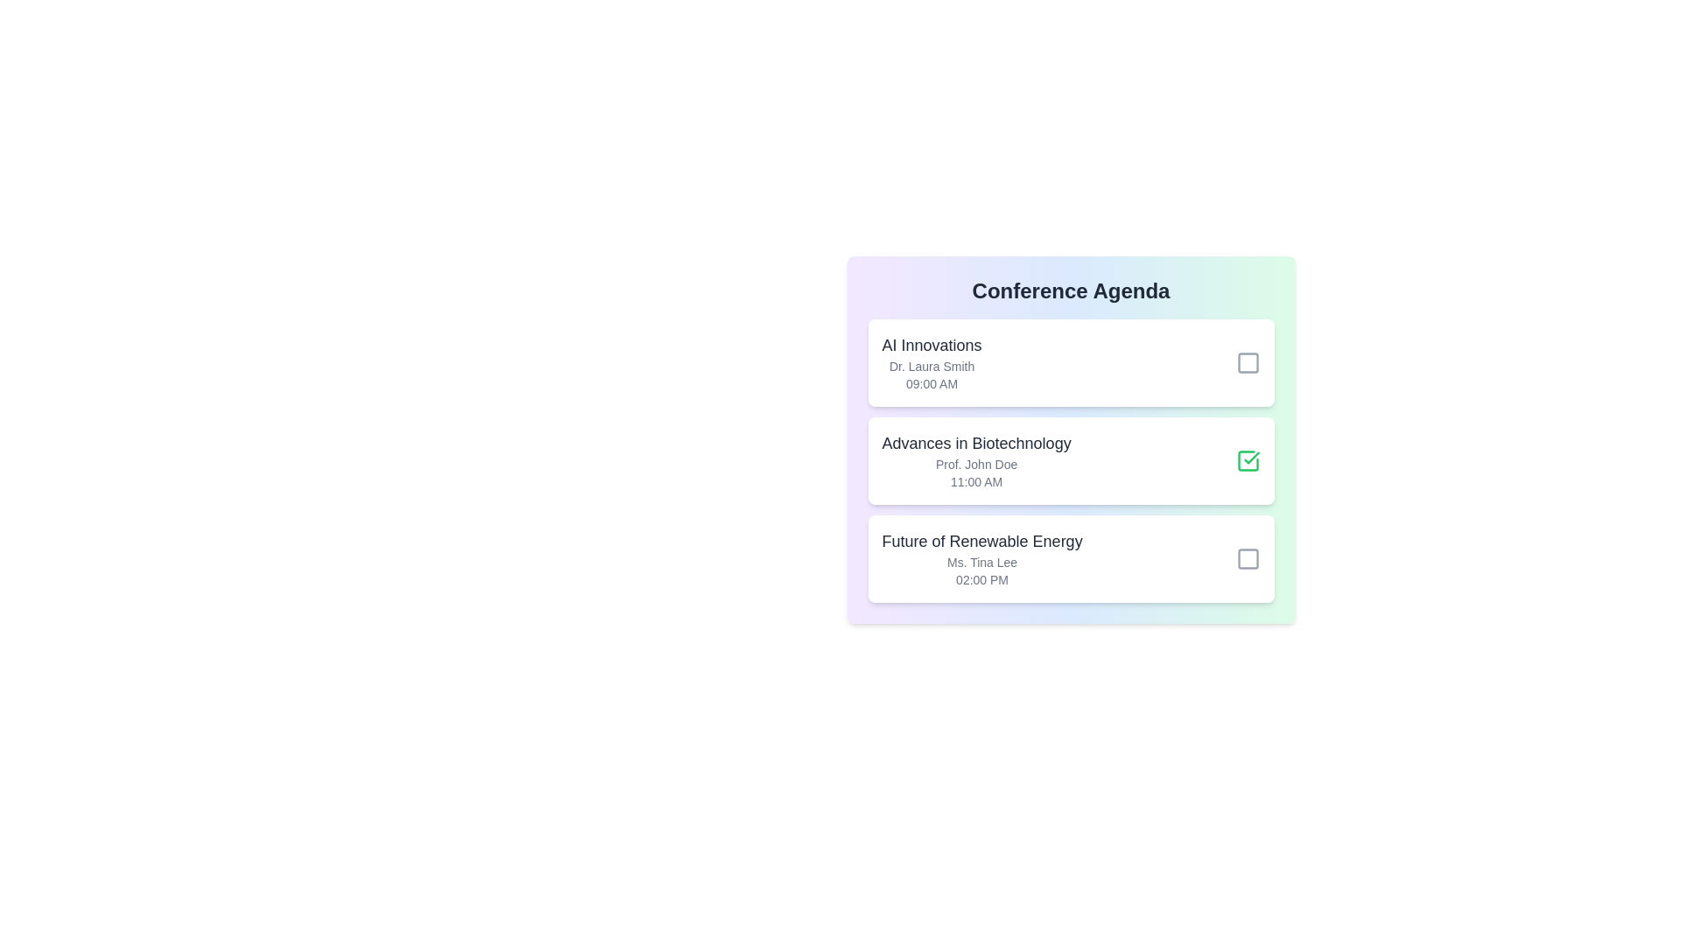  I want to click on the checkbox for the session 'AI Innovations' to toggle its selection state, so click(1247, 362).